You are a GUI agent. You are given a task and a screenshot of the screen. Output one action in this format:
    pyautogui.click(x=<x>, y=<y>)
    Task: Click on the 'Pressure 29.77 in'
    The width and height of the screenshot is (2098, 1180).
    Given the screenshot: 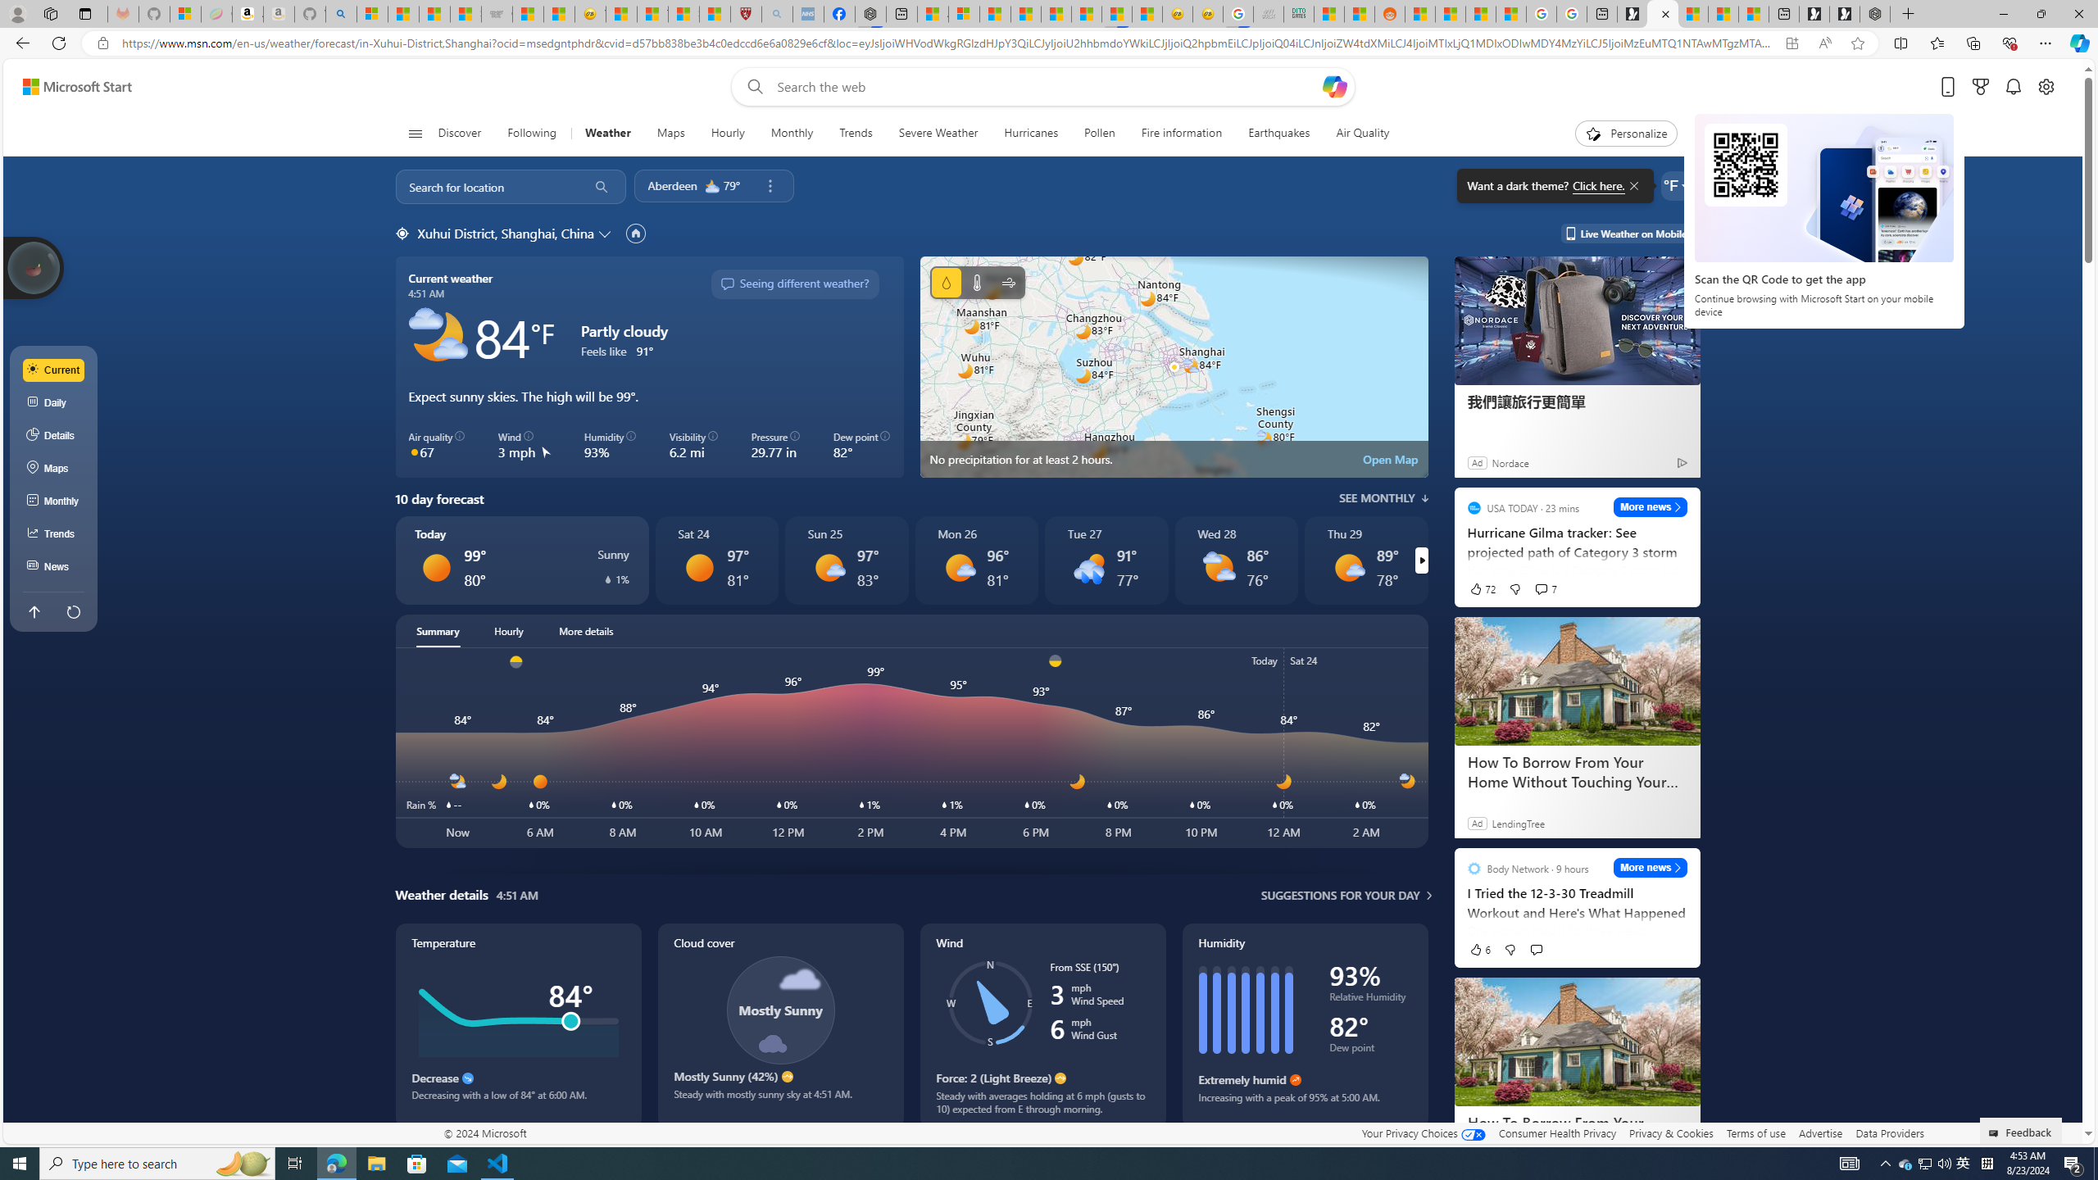 What is the action you would take?
    pyautogui.click(x=775, y=445)
    